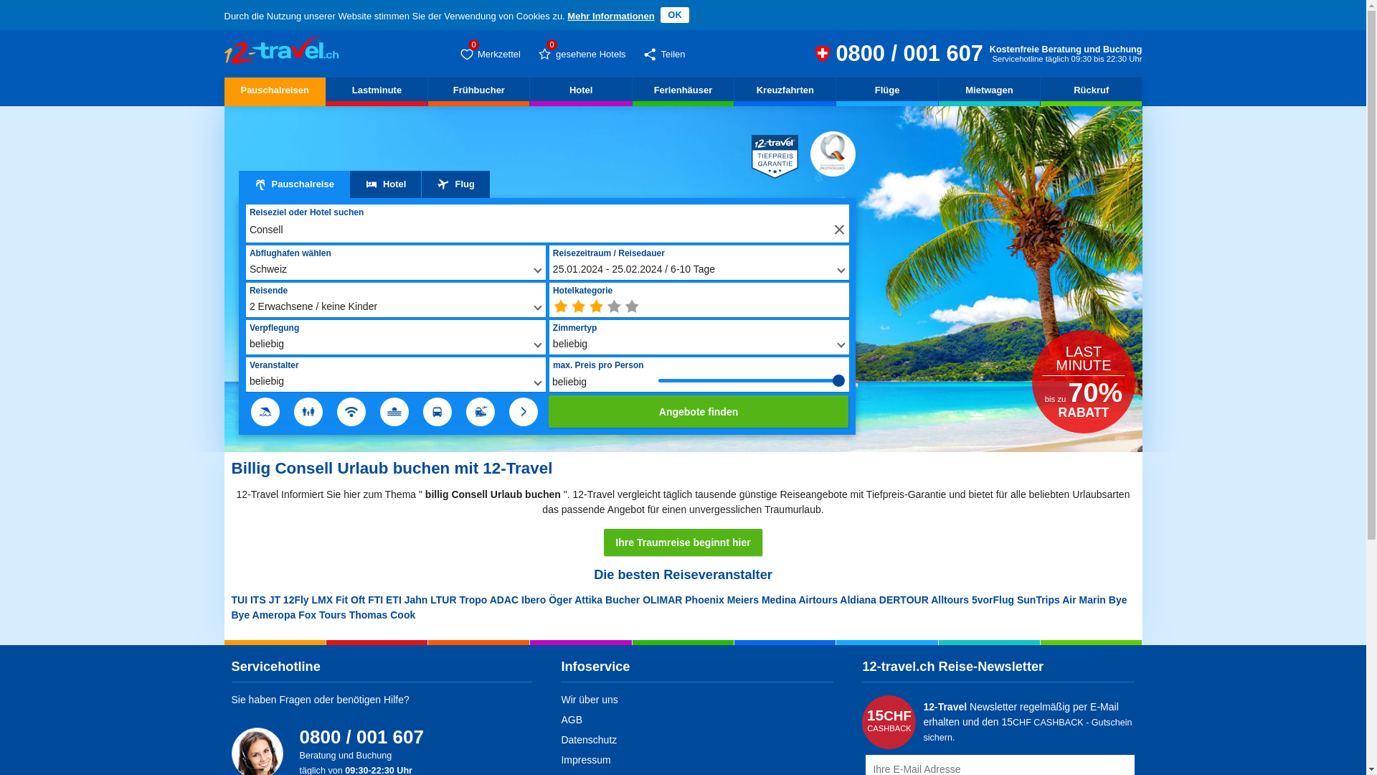  Describe the element at coordinates (588, 600) in the screenshot. I see `'Attika'` at that location.